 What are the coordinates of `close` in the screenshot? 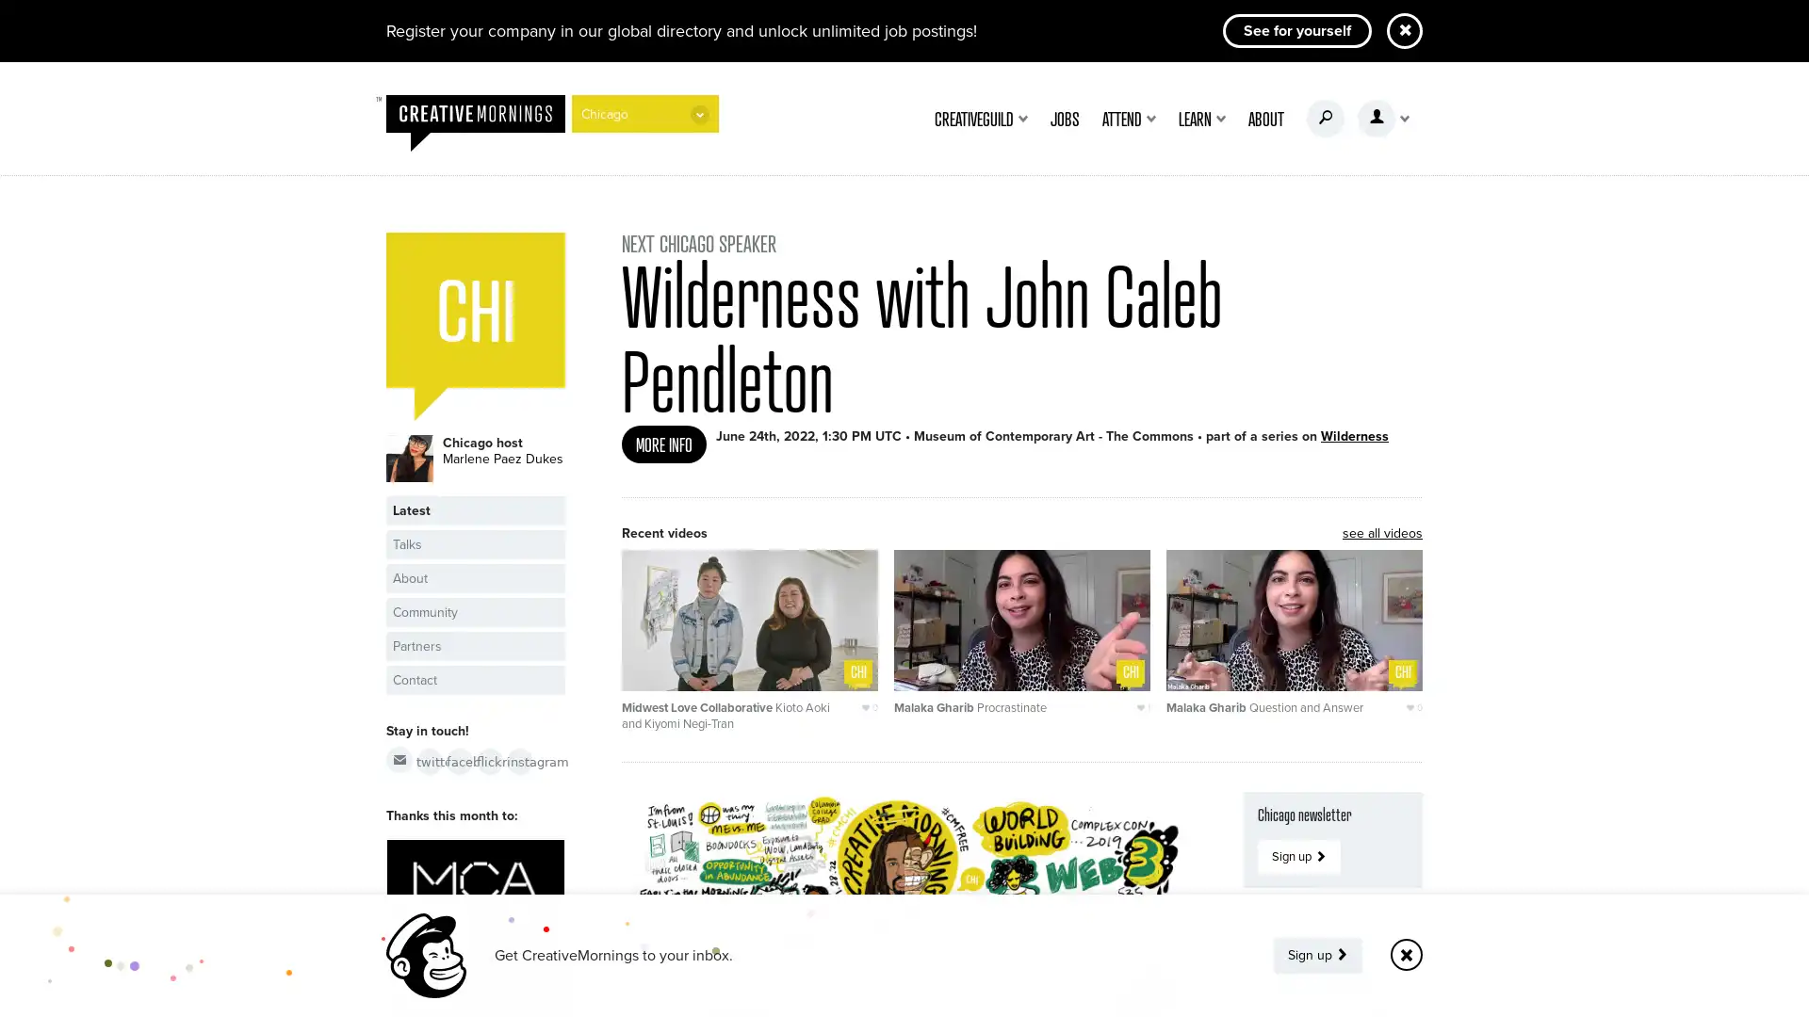 It's located at (1405, 31).